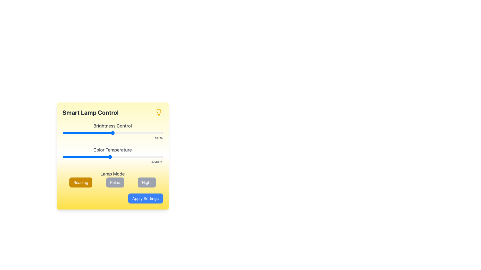 The image size is (481, 270). What do you see at coordinates (99, 157) in the screenshot?
I see `the color temperature` at bounding box center [99, 157].